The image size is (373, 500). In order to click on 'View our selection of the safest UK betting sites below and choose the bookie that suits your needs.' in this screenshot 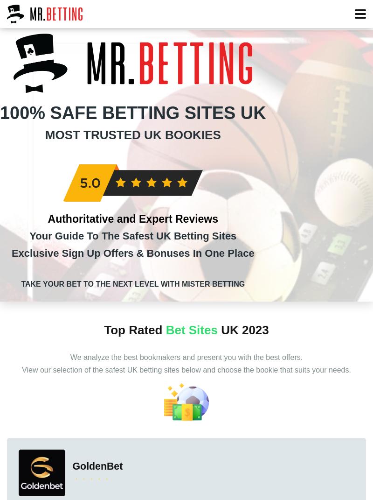, I will do `click(186, 369)`.